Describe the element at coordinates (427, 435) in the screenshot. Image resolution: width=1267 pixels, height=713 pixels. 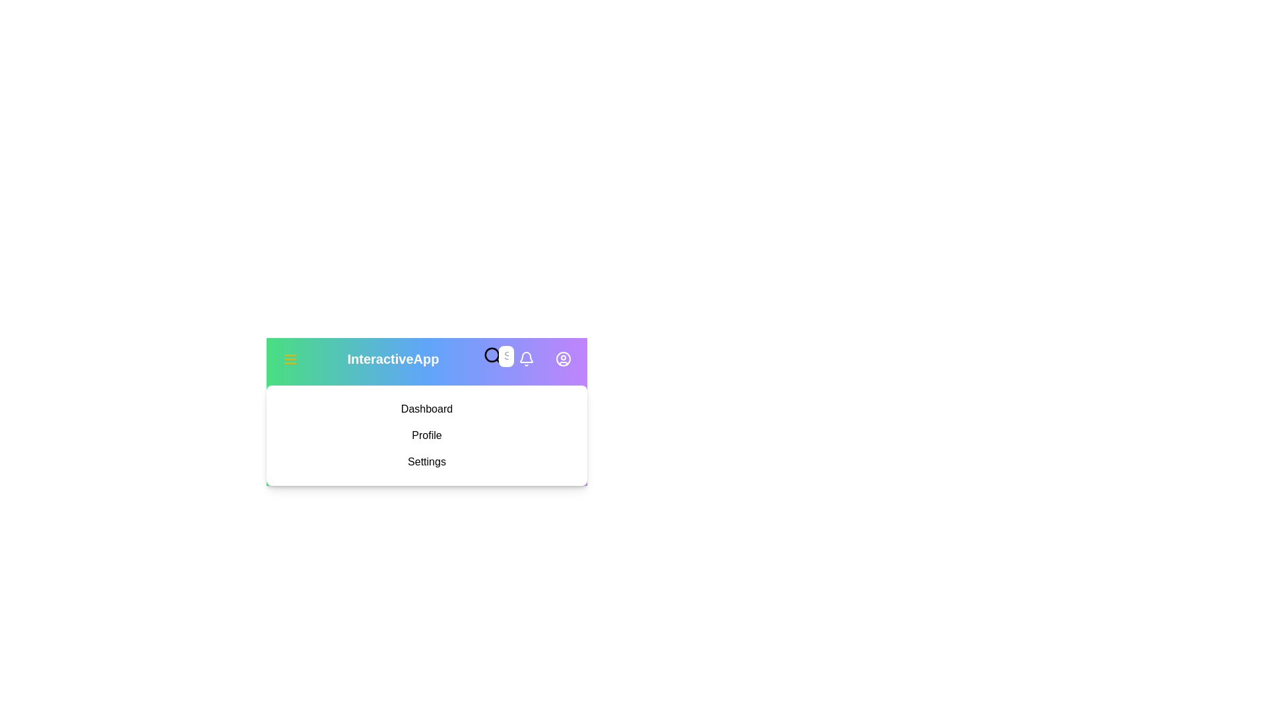
I see `the menu item Profile from the sidebar` at that location.